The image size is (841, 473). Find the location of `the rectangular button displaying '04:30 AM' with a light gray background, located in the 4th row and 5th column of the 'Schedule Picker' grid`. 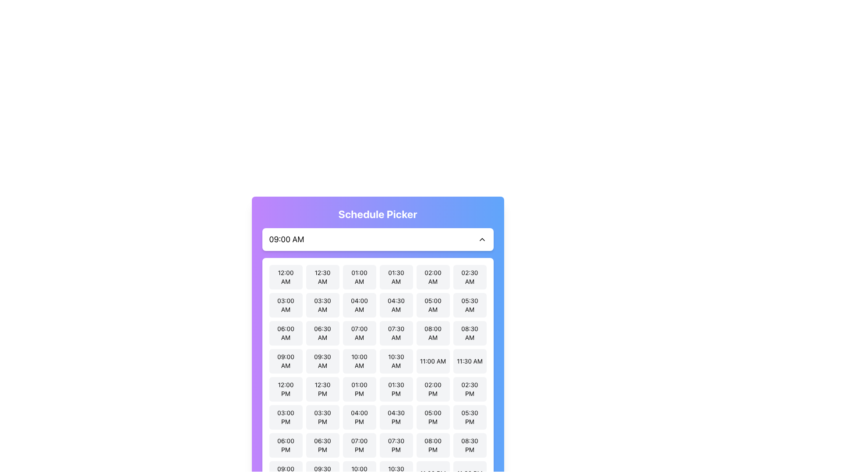

the rectangular button displaying '04:30 AM' with a light gray background, located in the 4th row and 5th column of the 'Schedule Picker' grid is located at coordinates (396, 305).